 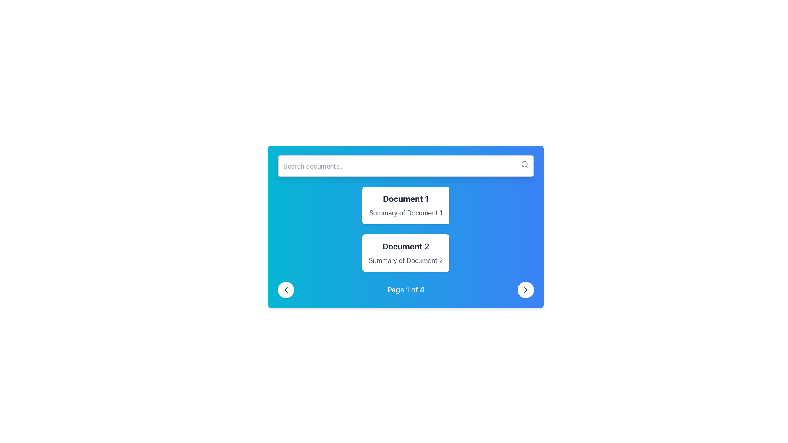 What do you see at coordinates (526, 289) in the screenshot?
I see `the rightward chevron vector graphic in the bottom-right corner of the blue panel` at bounding box center [526, 289].